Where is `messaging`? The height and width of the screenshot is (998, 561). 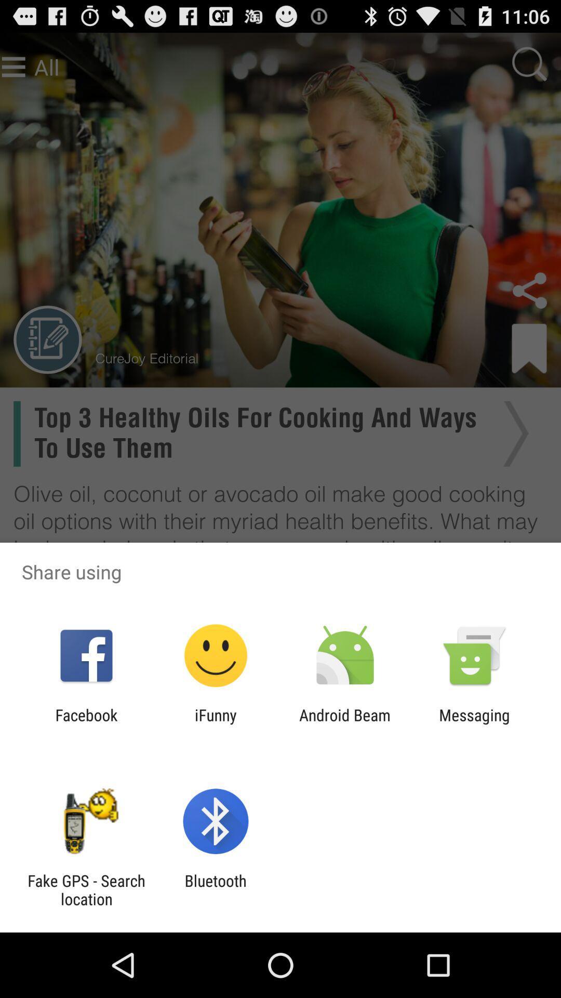
messaging is located at coordinates (474, 724).